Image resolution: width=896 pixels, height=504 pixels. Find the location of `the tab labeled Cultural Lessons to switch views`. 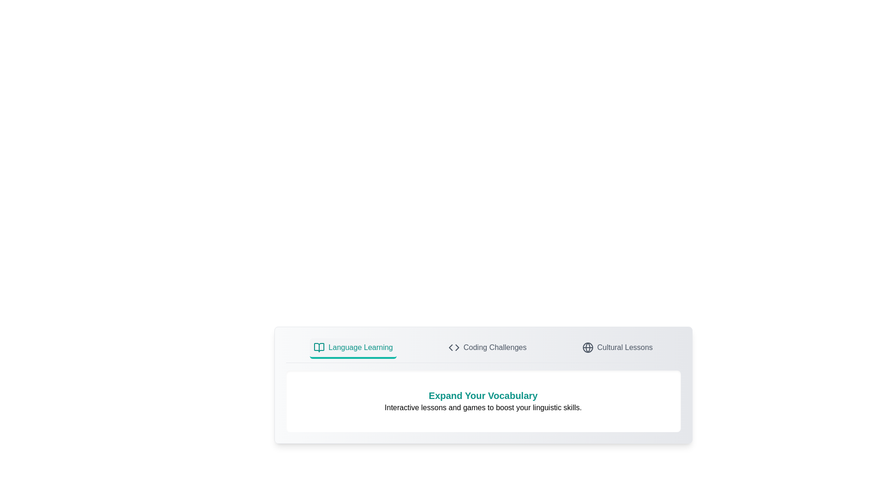

the tab labeled Cultural Lessons to switch views is located at coordinates (617, 349).